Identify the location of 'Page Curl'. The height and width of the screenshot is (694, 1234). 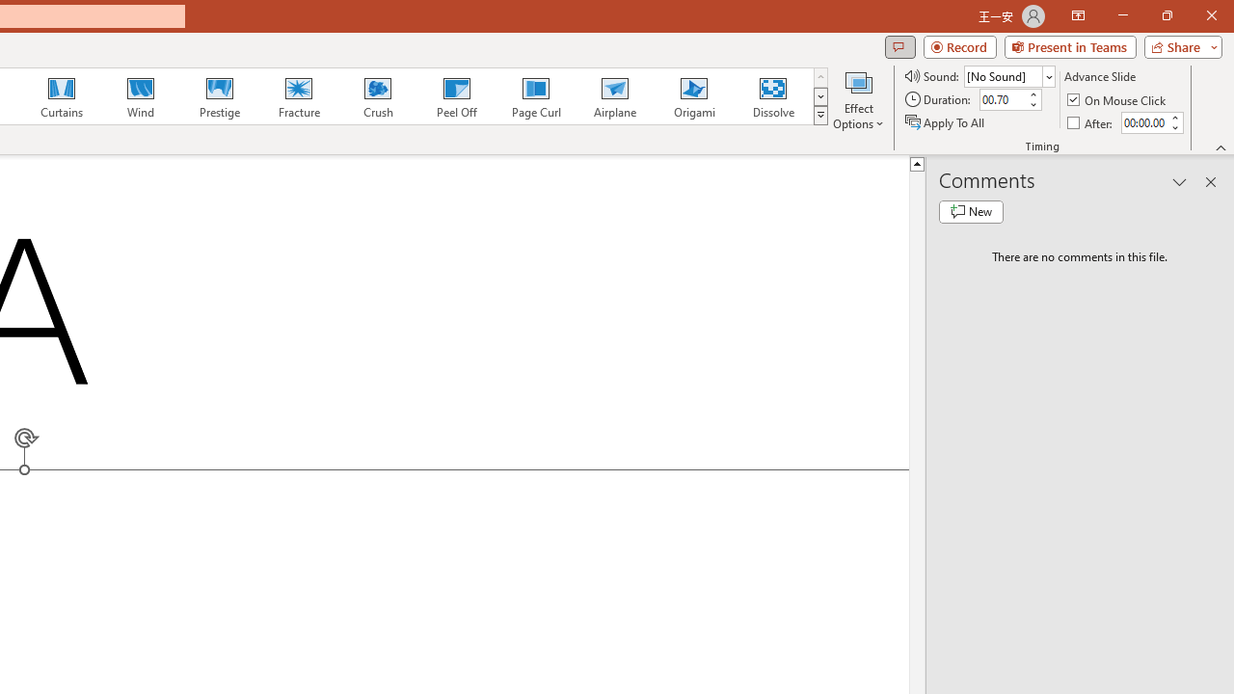
(535, 96).